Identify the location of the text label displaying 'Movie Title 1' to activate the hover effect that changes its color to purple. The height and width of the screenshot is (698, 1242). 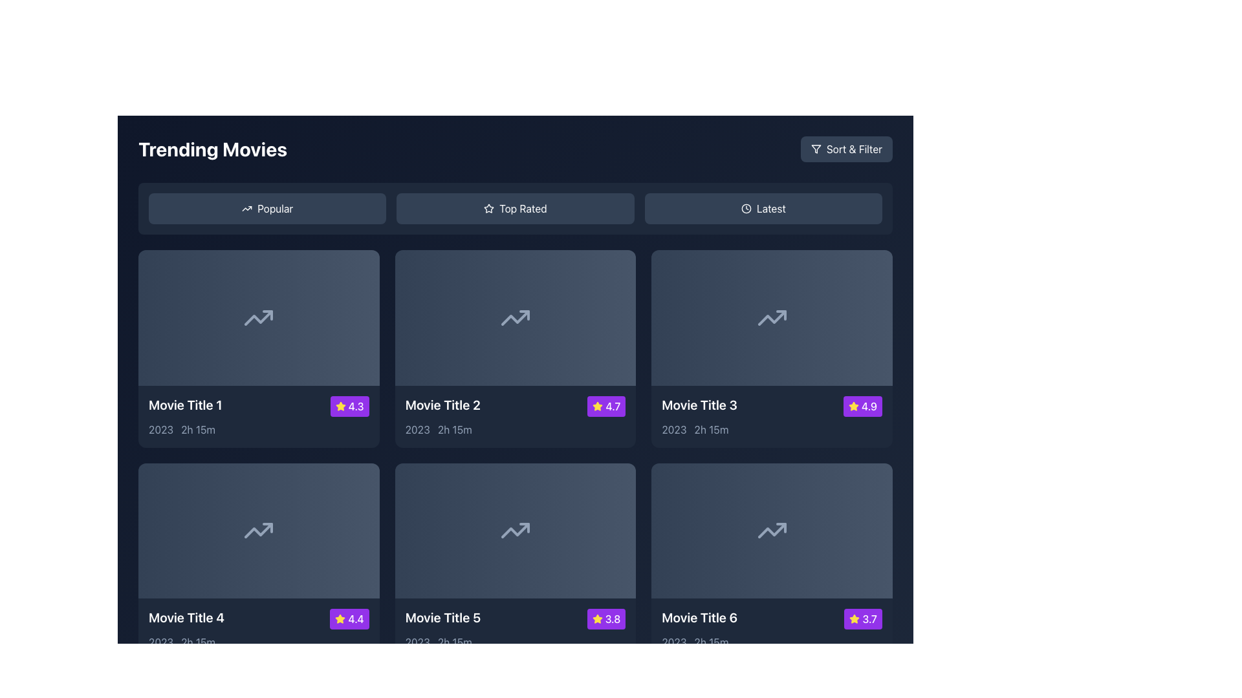
(184, 404).